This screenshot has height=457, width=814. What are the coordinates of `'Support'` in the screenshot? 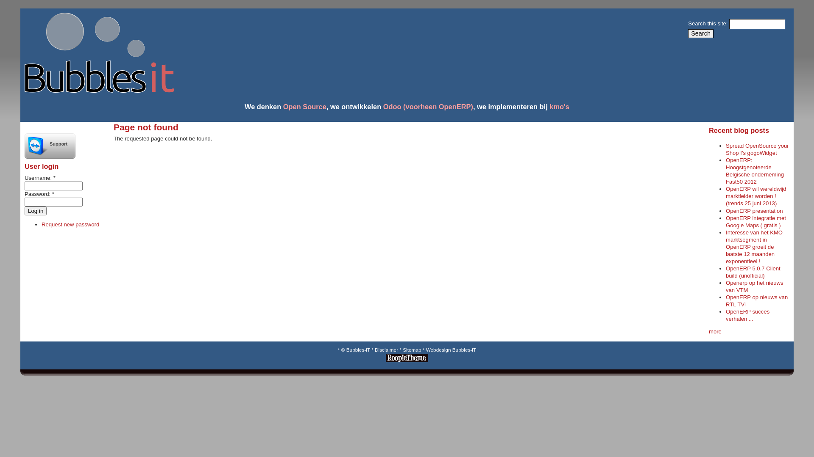 It's located at (50, 145).